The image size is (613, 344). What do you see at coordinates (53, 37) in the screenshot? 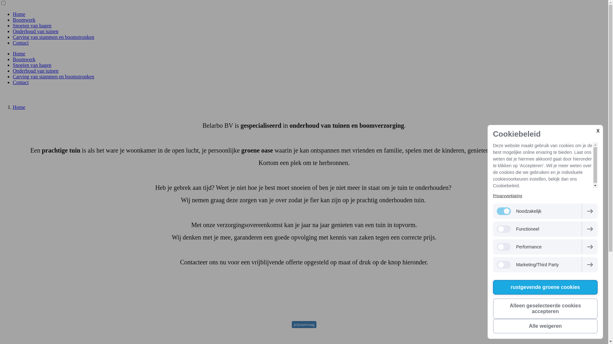
I see `'Carving van stammen en boomstronken'` at bounding box center [53, 37].